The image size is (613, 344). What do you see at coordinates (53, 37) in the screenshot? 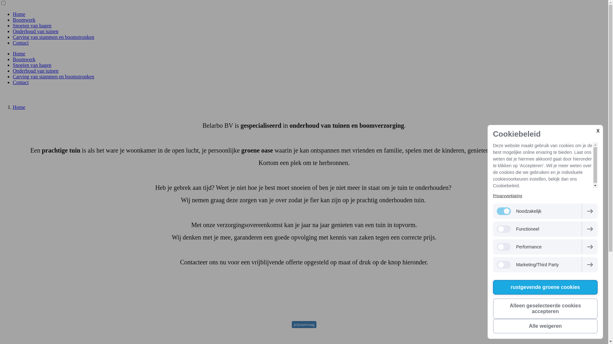
I see `'Carving van stammen en boomstronken'` at bounding box center [53, 37].